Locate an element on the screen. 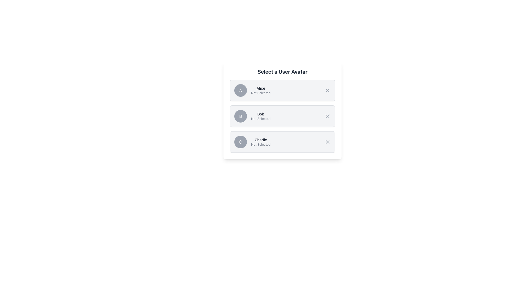 Image resolution: width=506 pixels, height=284 pixels. the 'X' icon with a gray circular outline located at the far right of the row dedicated to 'Charlie' is located at coordinates (327, 142).